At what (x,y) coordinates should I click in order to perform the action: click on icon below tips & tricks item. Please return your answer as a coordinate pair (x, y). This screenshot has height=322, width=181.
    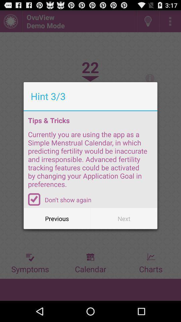
    Looking at the image, I should click on (90, 161).